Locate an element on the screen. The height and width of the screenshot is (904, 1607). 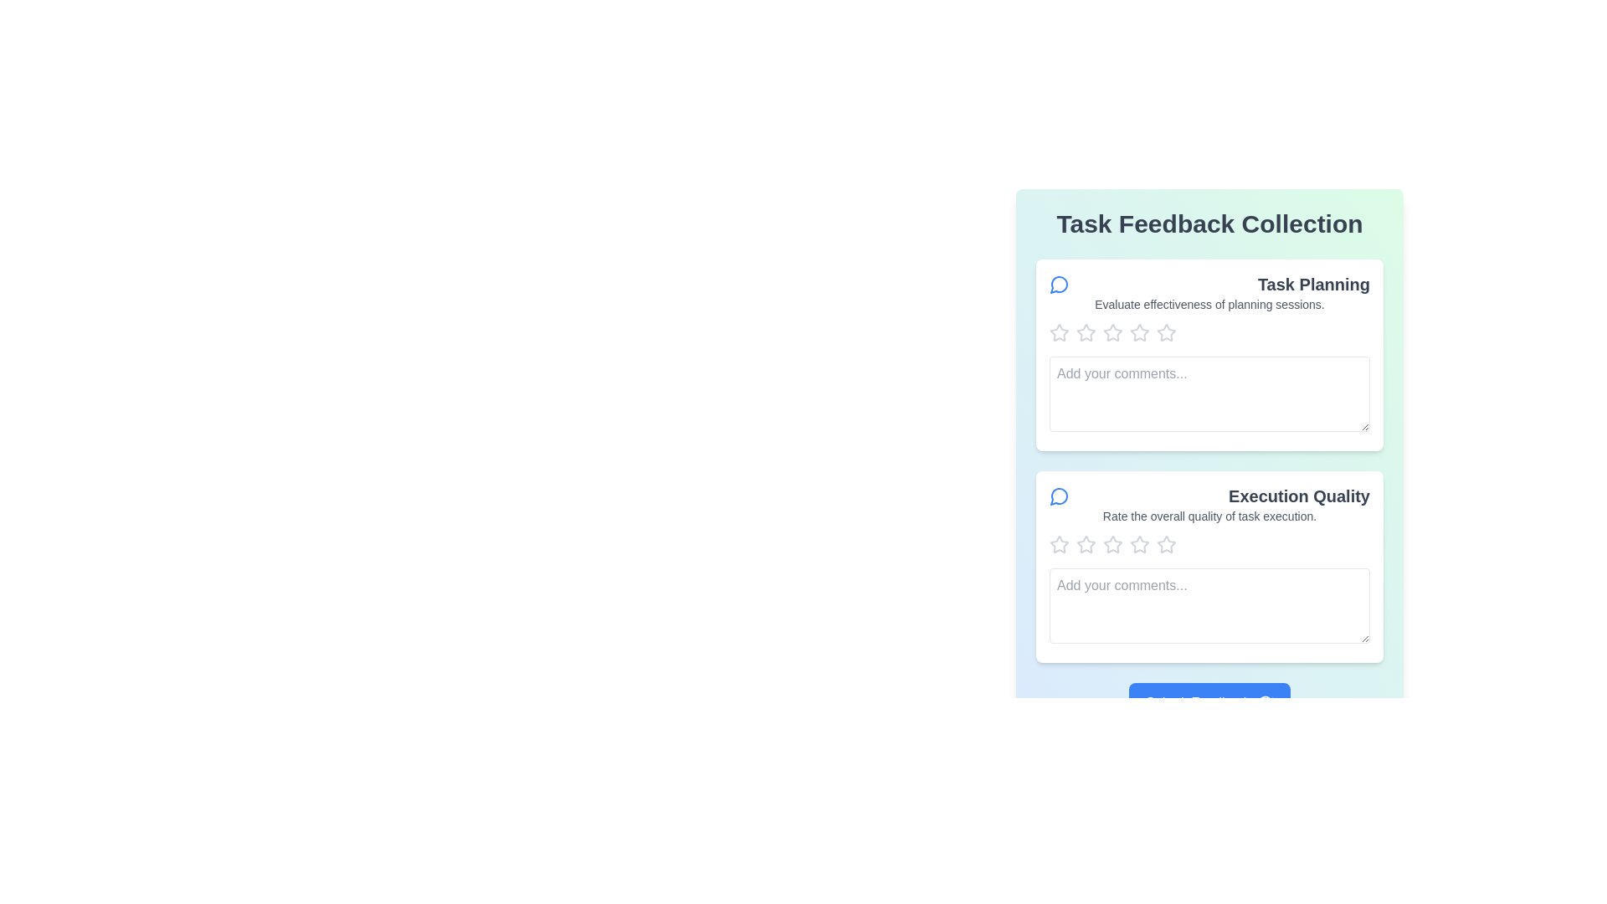
the first star icon in the 'Execution Quality' section is located at coordinates (1086, 544).